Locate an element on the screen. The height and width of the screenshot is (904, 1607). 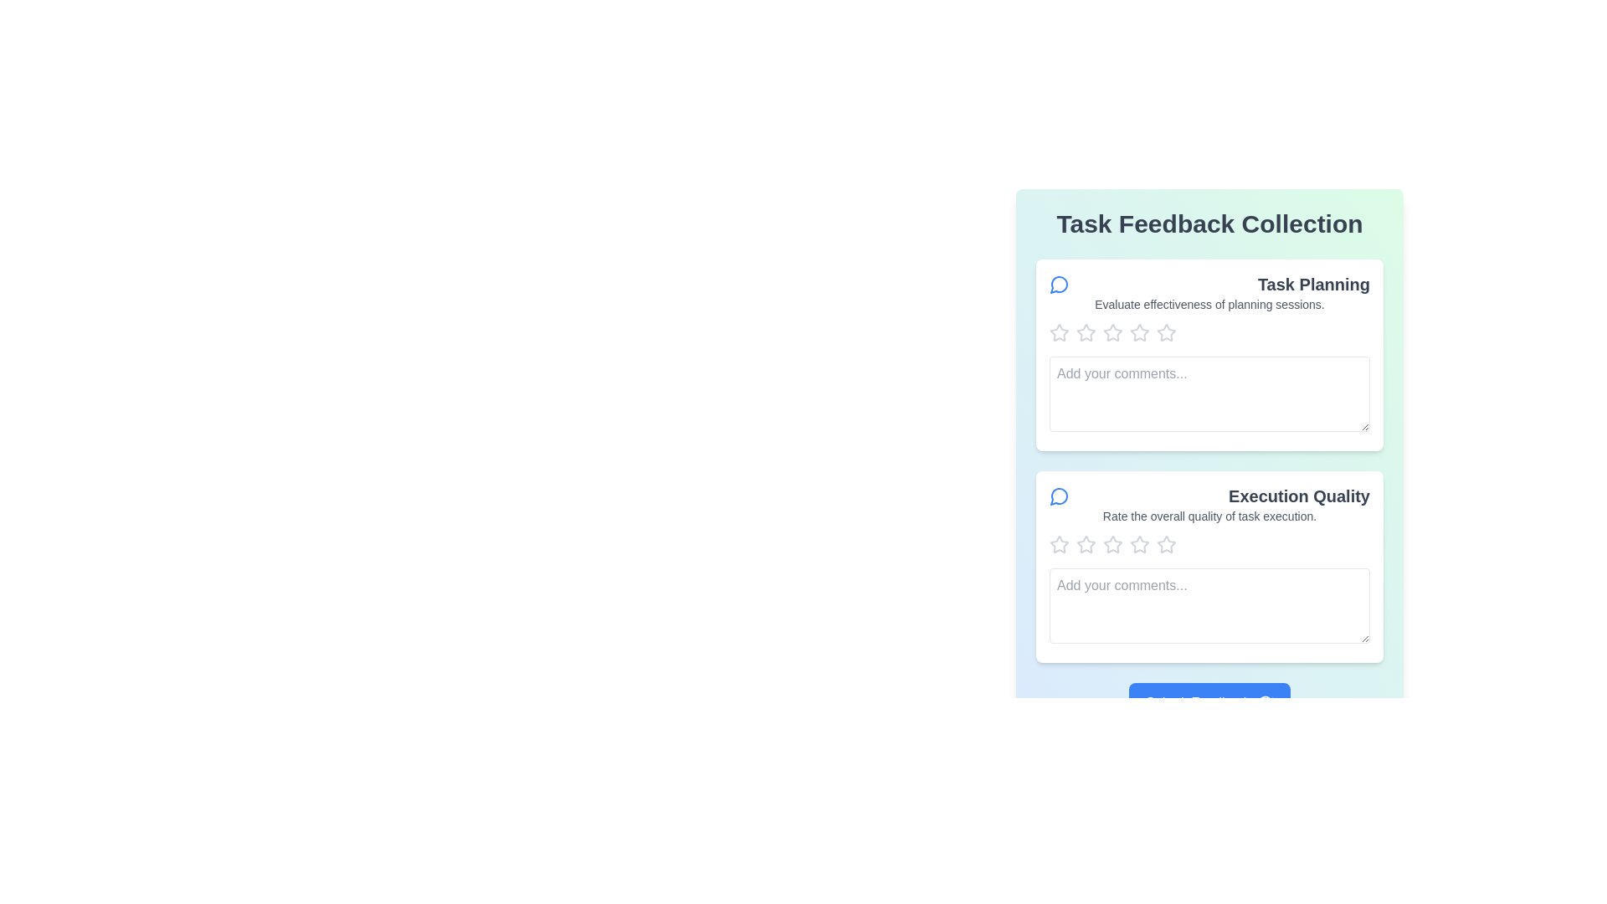
the first star icon in the 'Execution Quality' section is located at coordinates (1086, 544).